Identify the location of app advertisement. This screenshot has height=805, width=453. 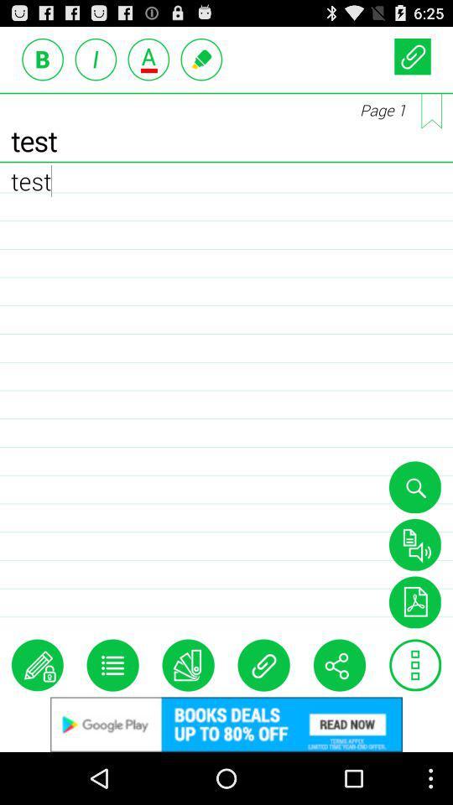
(226, 724).